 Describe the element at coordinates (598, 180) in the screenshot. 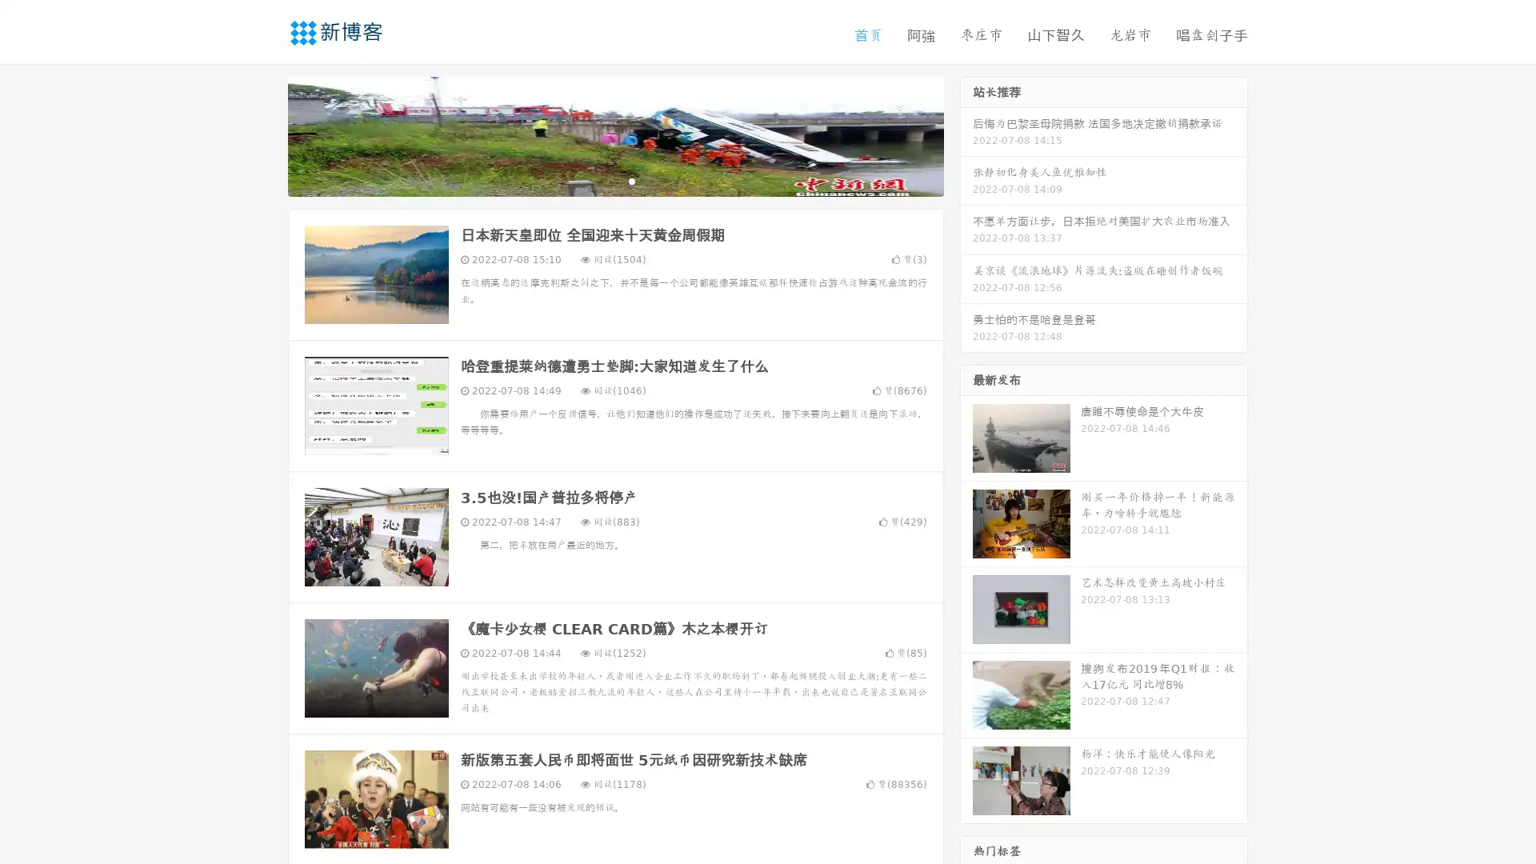

I see `Go to slide 1` at that location.